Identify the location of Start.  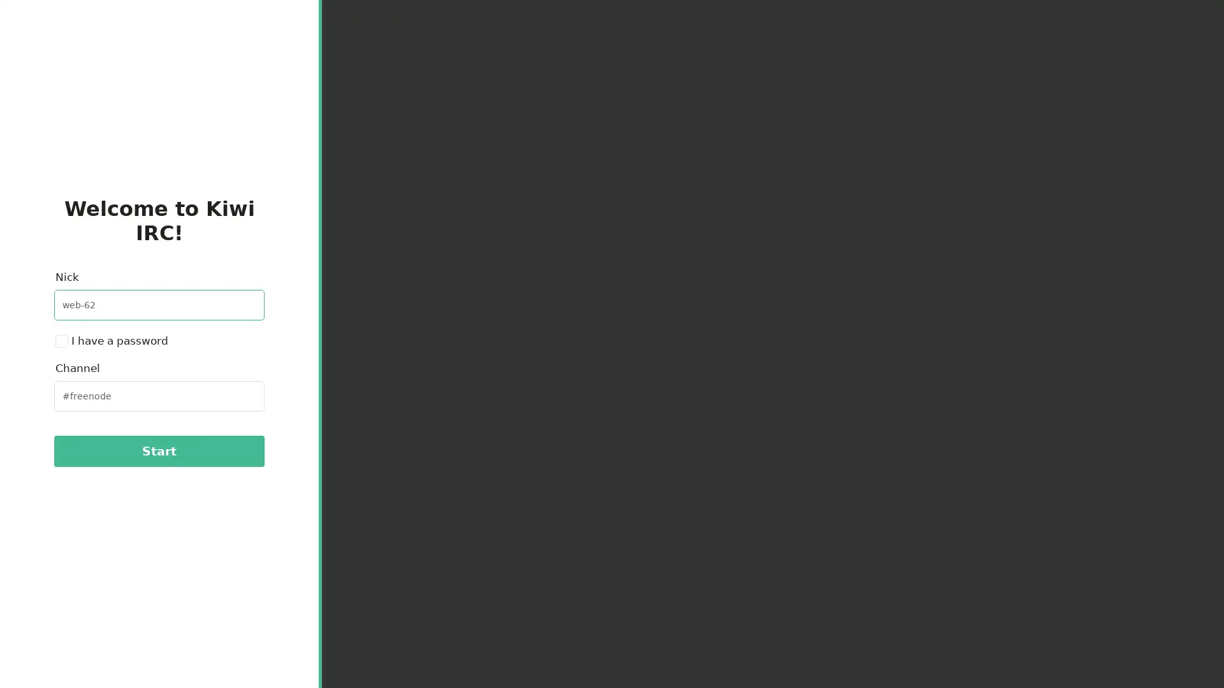
(158, 450).